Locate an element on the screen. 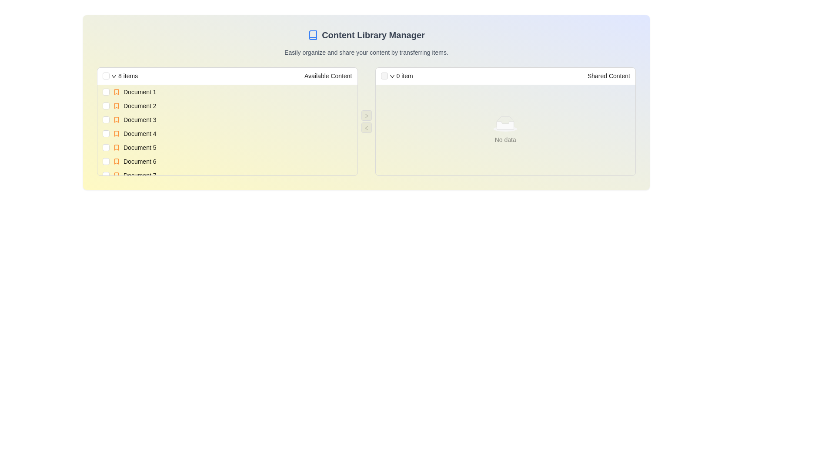 The height and width of the screenshot is (469, 835). the checkbox in the third item of the 'Available Content' list is located at coordinates (227, 120).